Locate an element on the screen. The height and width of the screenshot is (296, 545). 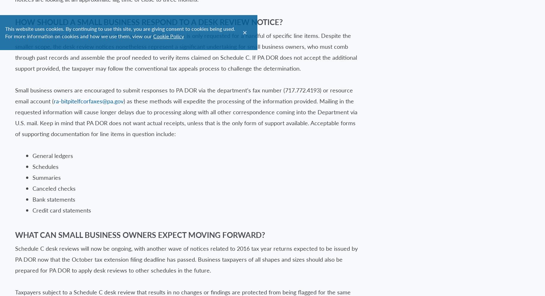
'Schedules' is located at coordinates (45, 166).